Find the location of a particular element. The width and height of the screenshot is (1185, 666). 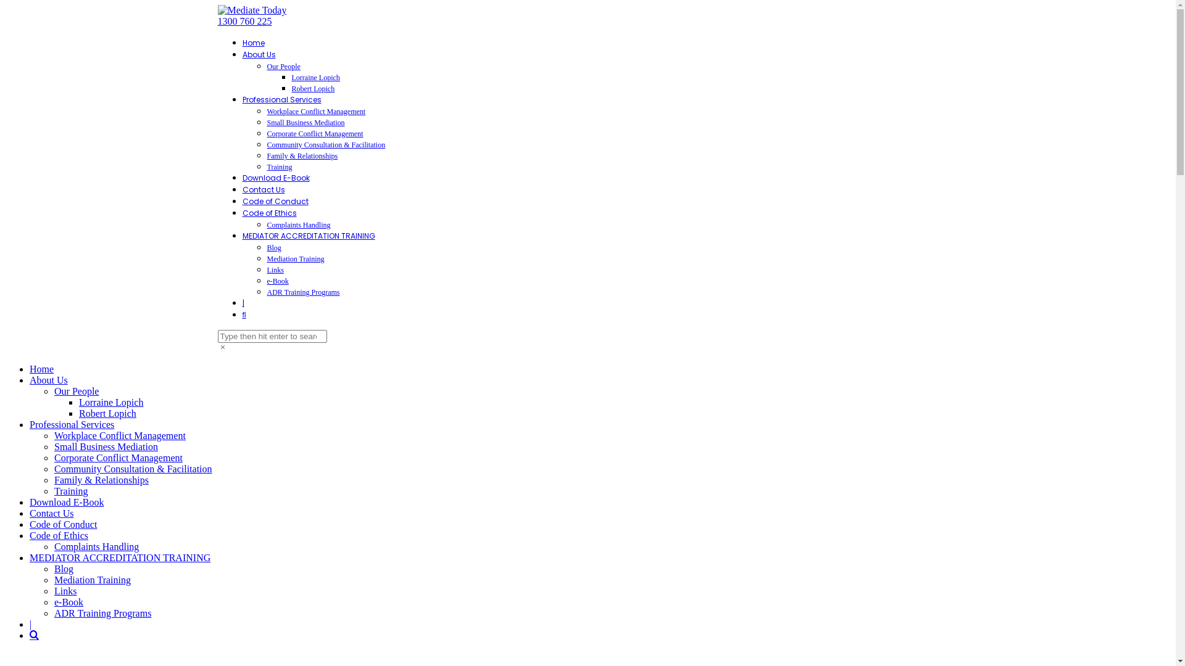

'|' is located at coordinates (30, 624).